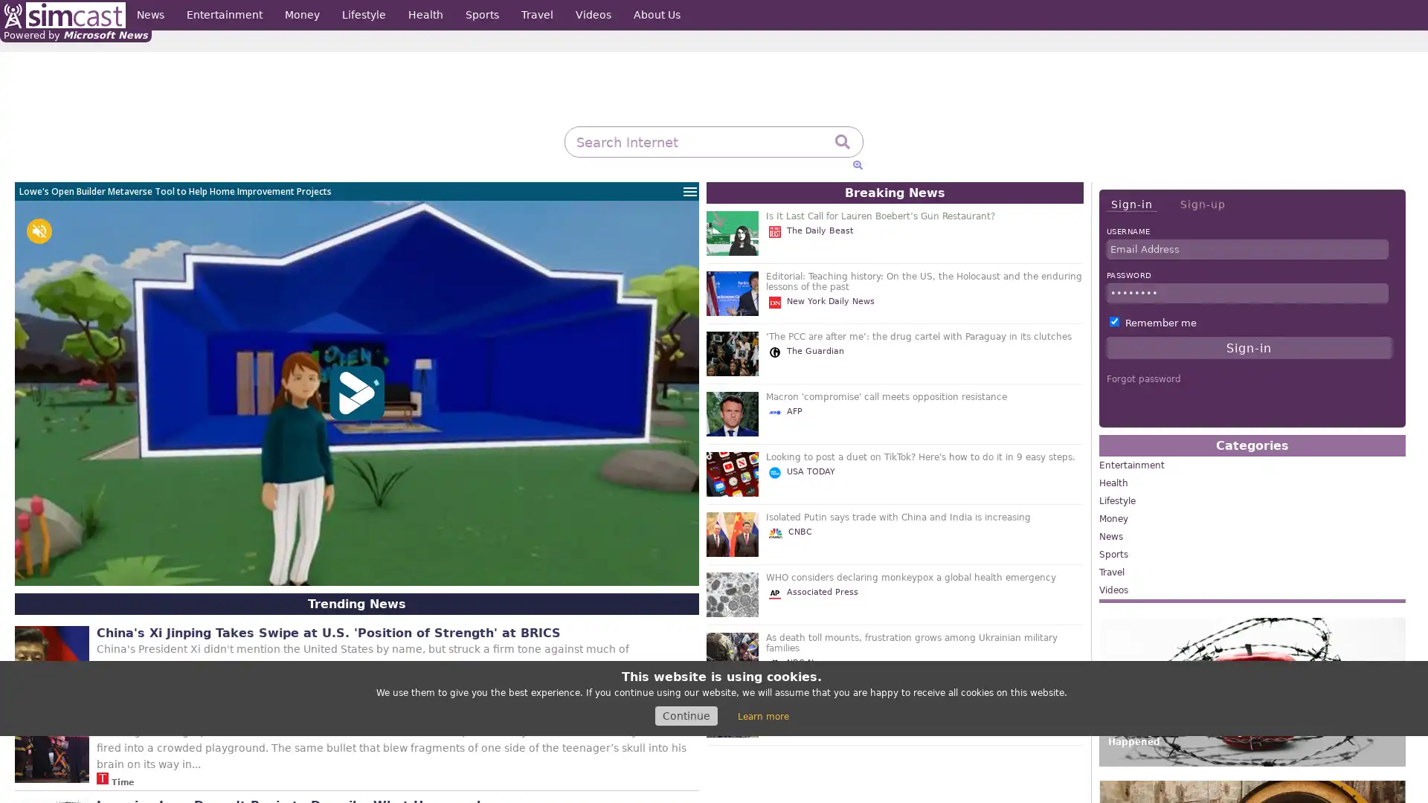 Image resolution: width=1428 pixels, height=803 pixels. I want to click on Sign-in, so click(1130, 204).